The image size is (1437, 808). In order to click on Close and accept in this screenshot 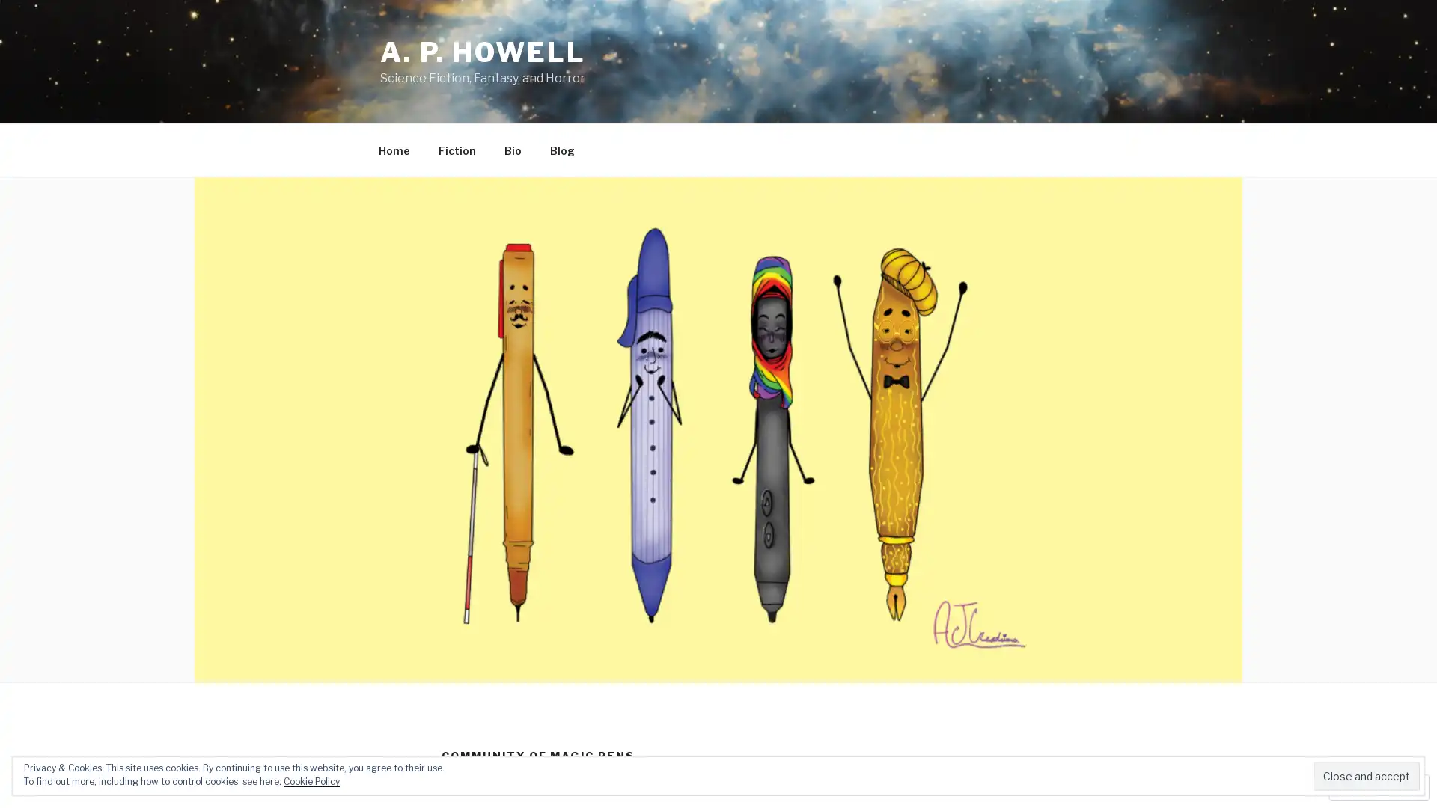, I will do `click(1366, 775)`.